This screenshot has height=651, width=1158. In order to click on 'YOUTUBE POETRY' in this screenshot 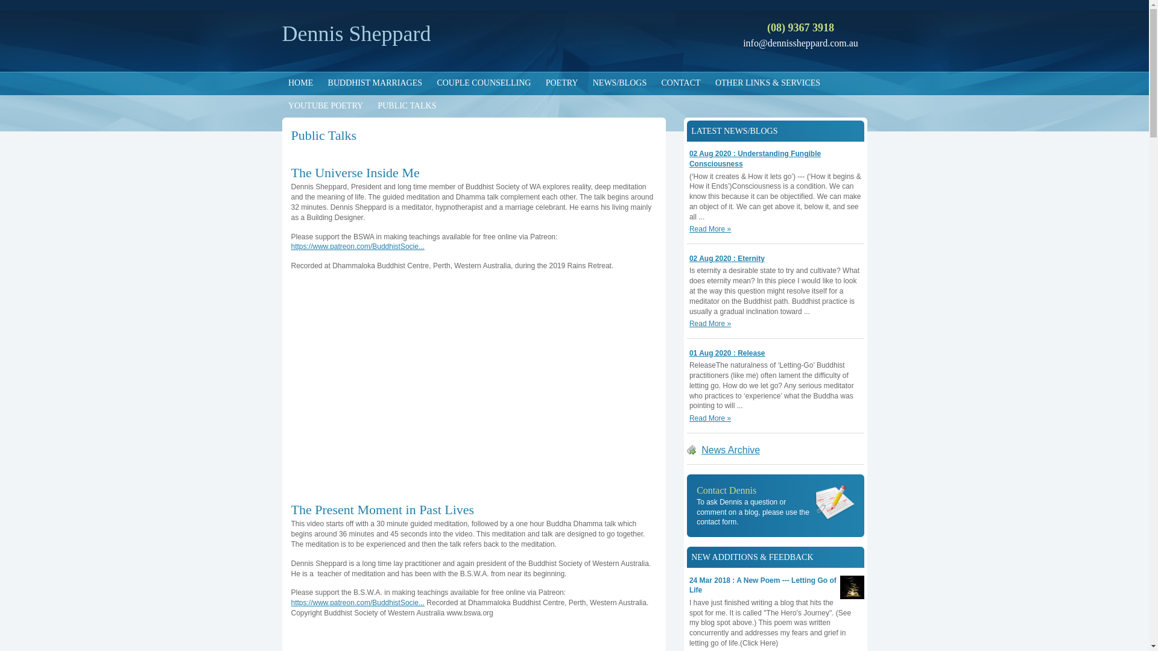, I will do `click(326, 105)`.